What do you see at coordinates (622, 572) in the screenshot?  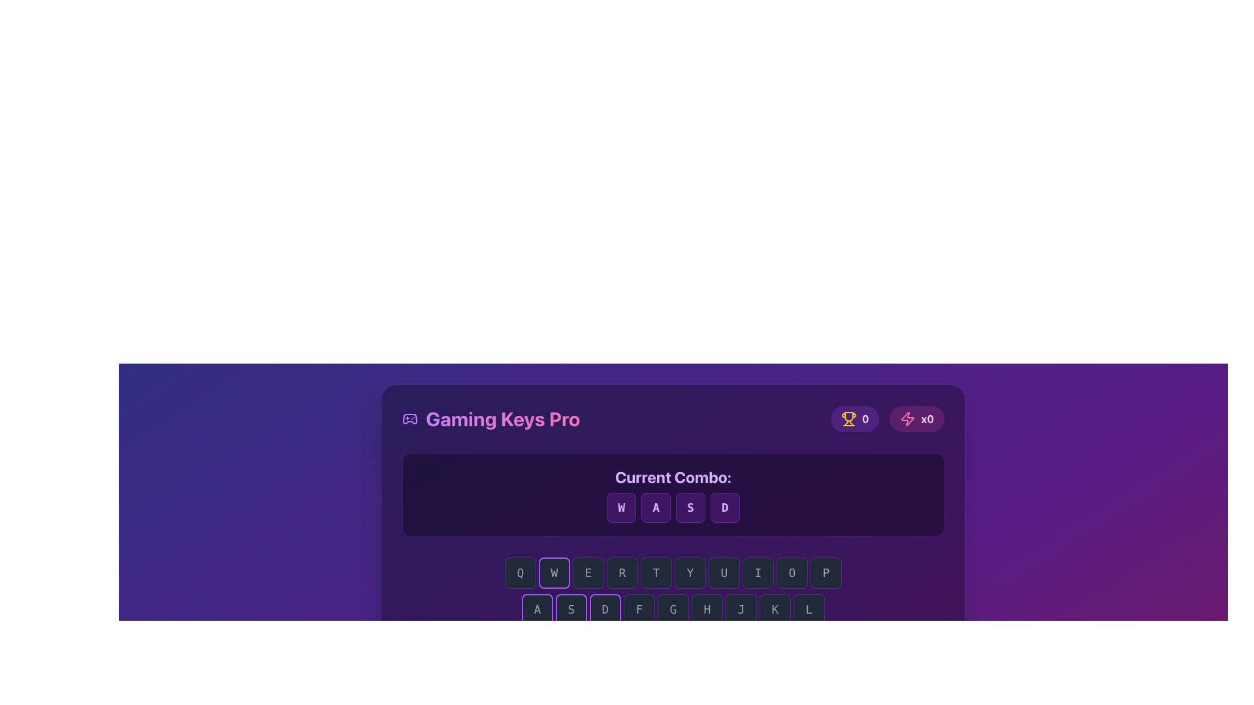 I see `the square button with a dark gray background and the light gray text 'R' to trigger the hover effect` at bounding box center [622, 572].